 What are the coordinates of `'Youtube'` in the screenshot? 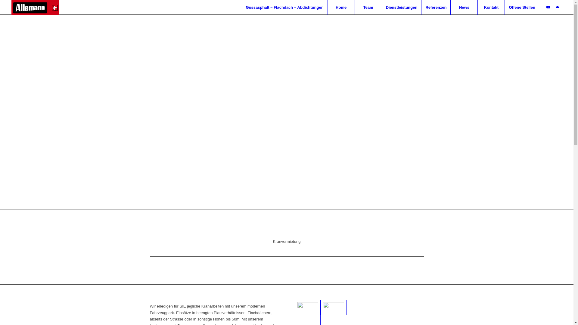 It's located at (548, 7).